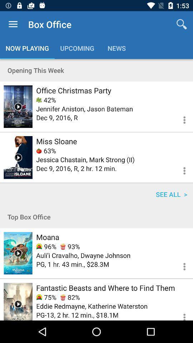 The image size is (193, 343). I want to click on trailer, so click(18, 157).